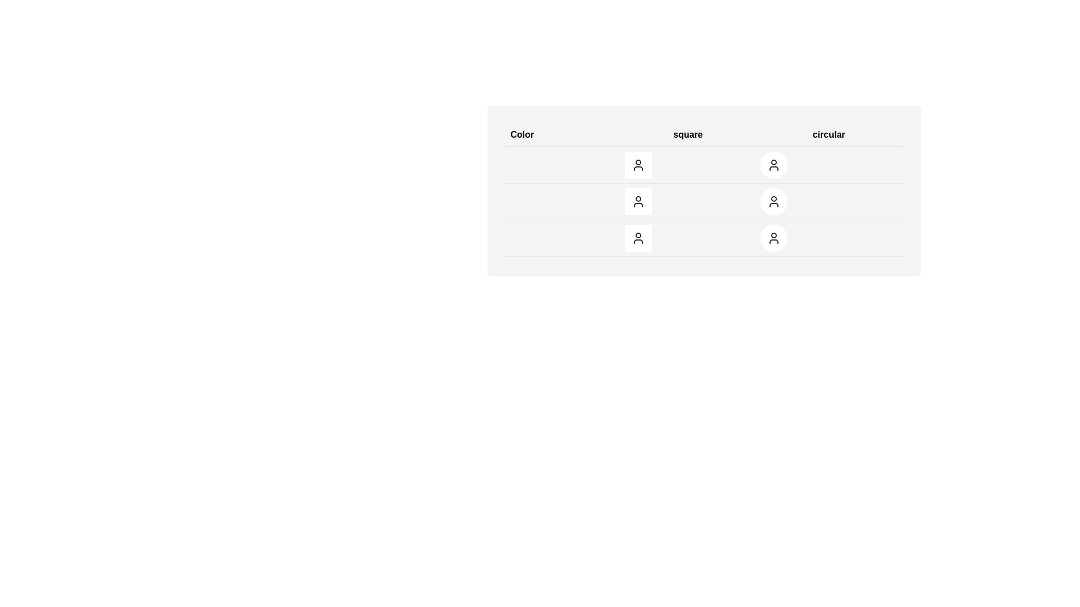  Describe the element at coordinates (638, 165) in the screenshot. I see `the user profile picture icon, which is a dark-colored icon on a light background located in the first rectangle of the left column under the 'square' label` at that location.